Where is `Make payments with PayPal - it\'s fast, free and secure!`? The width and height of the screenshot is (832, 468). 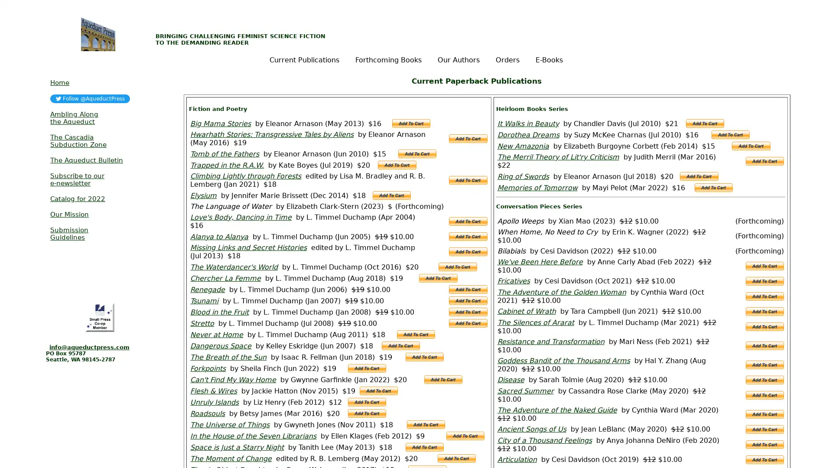 Make payments with PayPal - it\'s fast, free and secure! is located at coordinates (378, 391).